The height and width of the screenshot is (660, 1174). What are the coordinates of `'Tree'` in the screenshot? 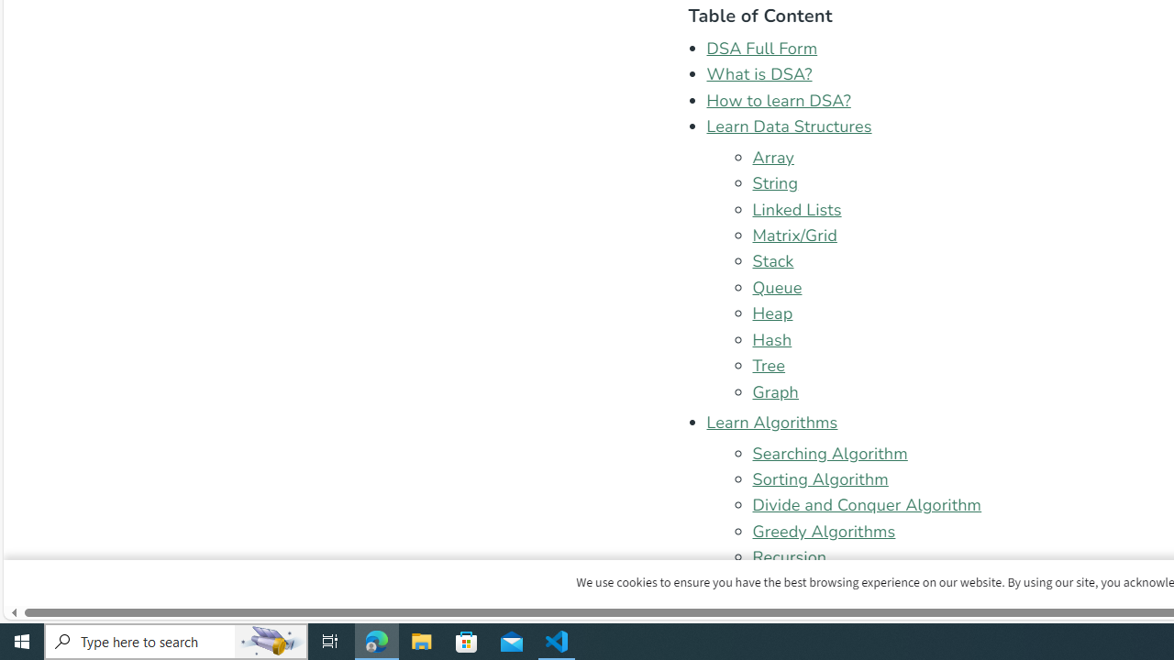 It's located at (770, 366).